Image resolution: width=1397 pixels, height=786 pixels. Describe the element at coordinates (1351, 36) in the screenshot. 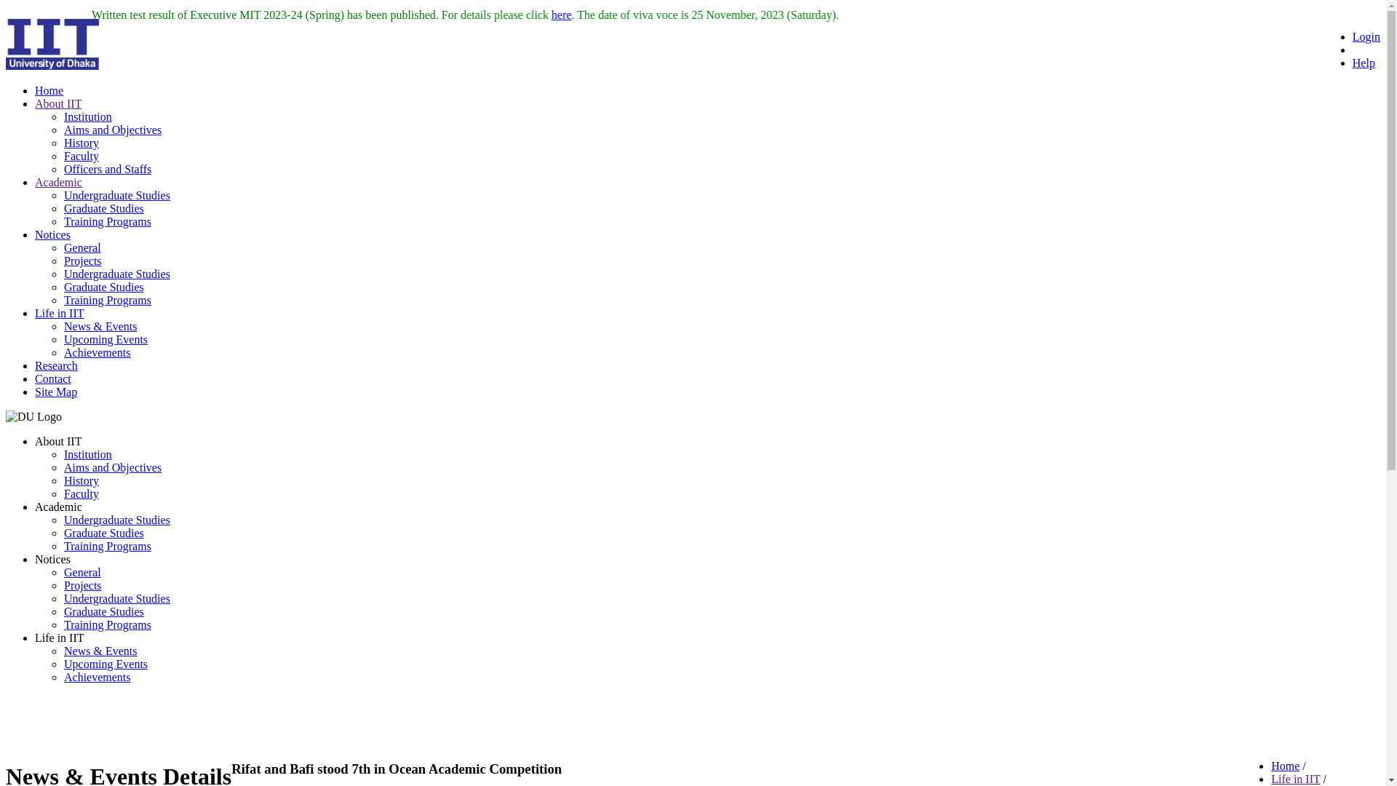

I see `'Login'` at that location.